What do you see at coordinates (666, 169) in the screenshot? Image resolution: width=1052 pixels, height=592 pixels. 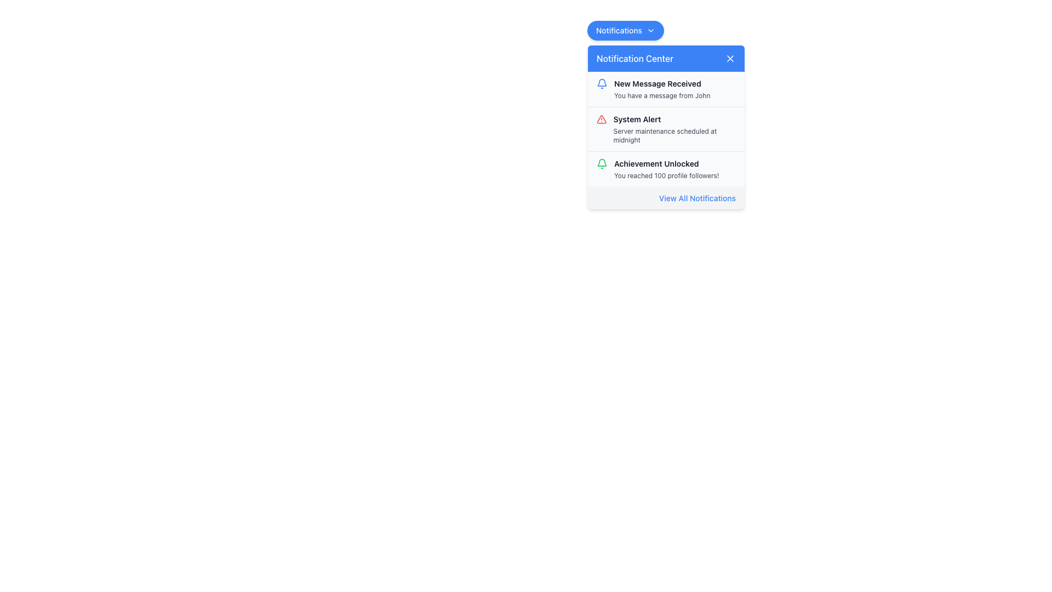 I see `the Notification item displaying 'Achievement Unlocked' with the subtext 'You reached 100 profile followers!', located in the Notification Center as the third item` at bounding box center [666, 169].